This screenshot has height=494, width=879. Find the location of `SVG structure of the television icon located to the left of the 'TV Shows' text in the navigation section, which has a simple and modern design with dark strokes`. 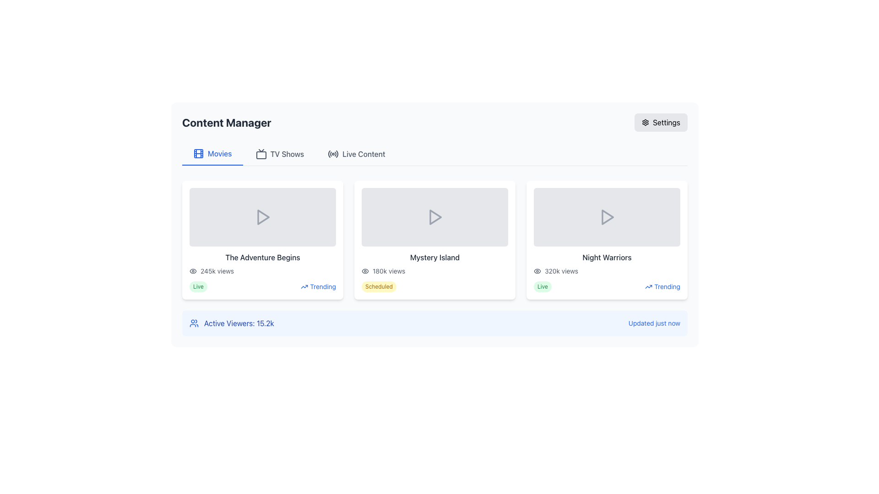

SVG structure of the television icon located to the left of the 'TV Shows' text in the navigation section, which has a simple and modern design with dark strokes is located at coordinates (260, 153).